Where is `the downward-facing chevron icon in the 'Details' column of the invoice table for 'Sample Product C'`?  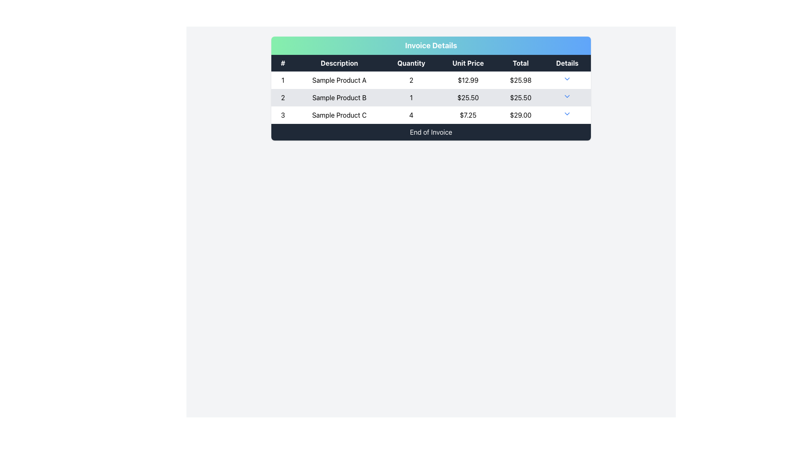 the downward-facing chevron icon in the 'Details' column of the invoice table for 'Sample Product C' is located at coordinates (567, 113).